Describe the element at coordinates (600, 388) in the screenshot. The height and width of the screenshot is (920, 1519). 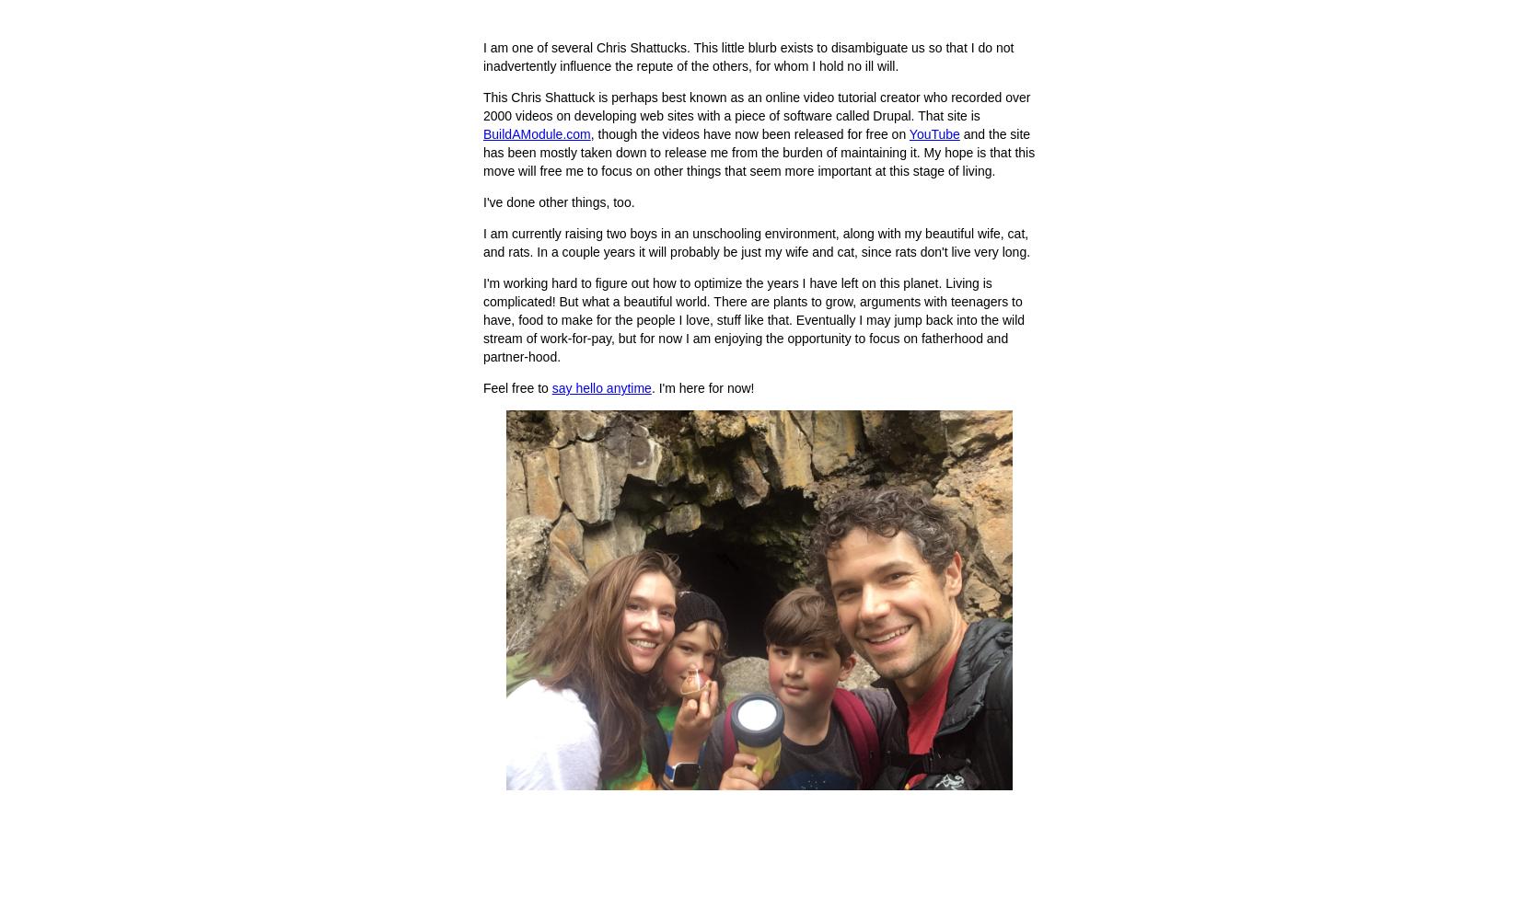
I see `'say hello anytime'` at that location.